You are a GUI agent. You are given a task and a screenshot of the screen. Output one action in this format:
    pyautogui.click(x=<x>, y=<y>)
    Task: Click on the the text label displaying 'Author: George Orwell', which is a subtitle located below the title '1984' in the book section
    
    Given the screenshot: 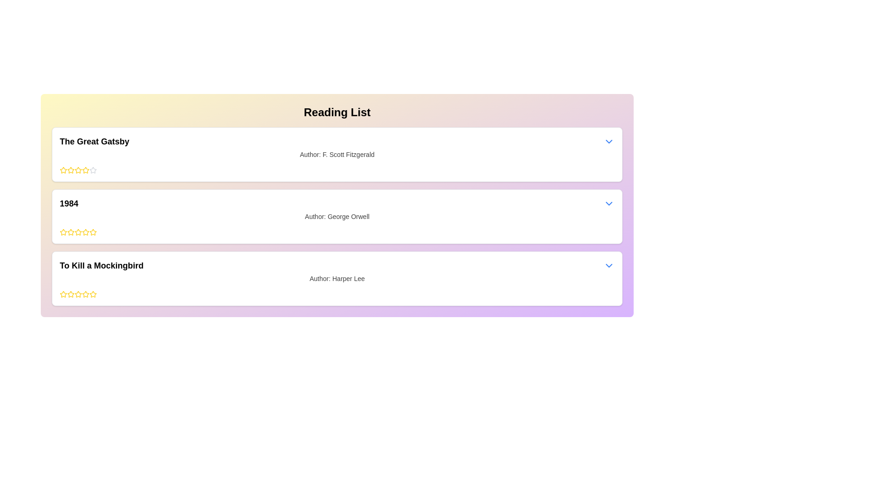 What is the action you would take?
    pyautogui.click(x=337, y=216)
    